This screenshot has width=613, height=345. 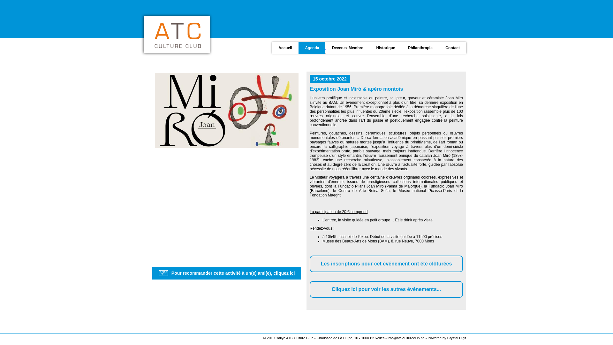 I want to click on 'Accueil', so click(x=272, y=47).